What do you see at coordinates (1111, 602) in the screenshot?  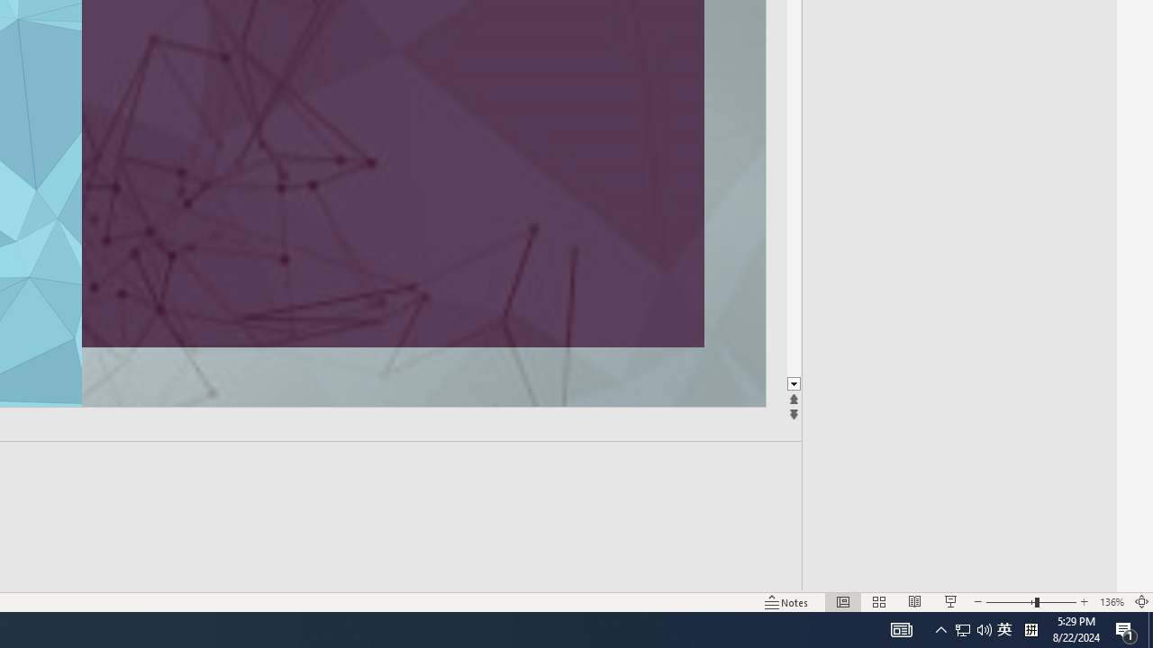 I see `'Zoom 136%'` at bounding box center [1111, 602].